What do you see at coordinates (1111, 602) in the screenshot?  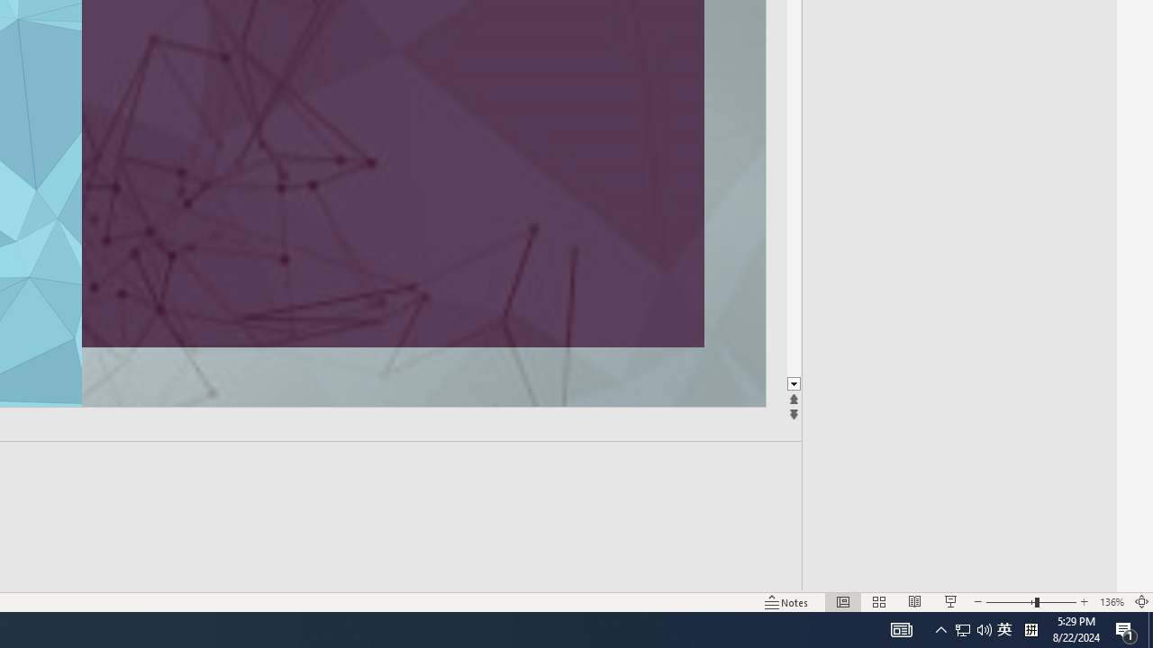 I see `'Zoom 136%'` at bounding box center [1111, 602].